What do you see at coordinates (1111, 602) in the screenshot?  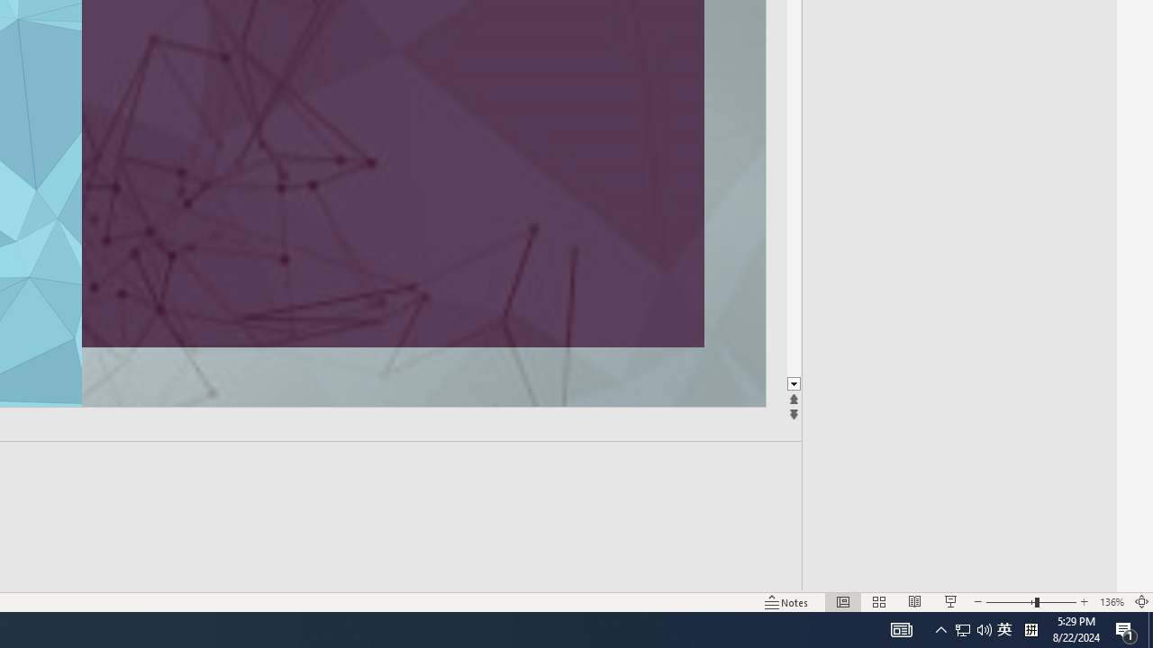 I see `'Zoom 136%'` at bounding box center [1111, 602].